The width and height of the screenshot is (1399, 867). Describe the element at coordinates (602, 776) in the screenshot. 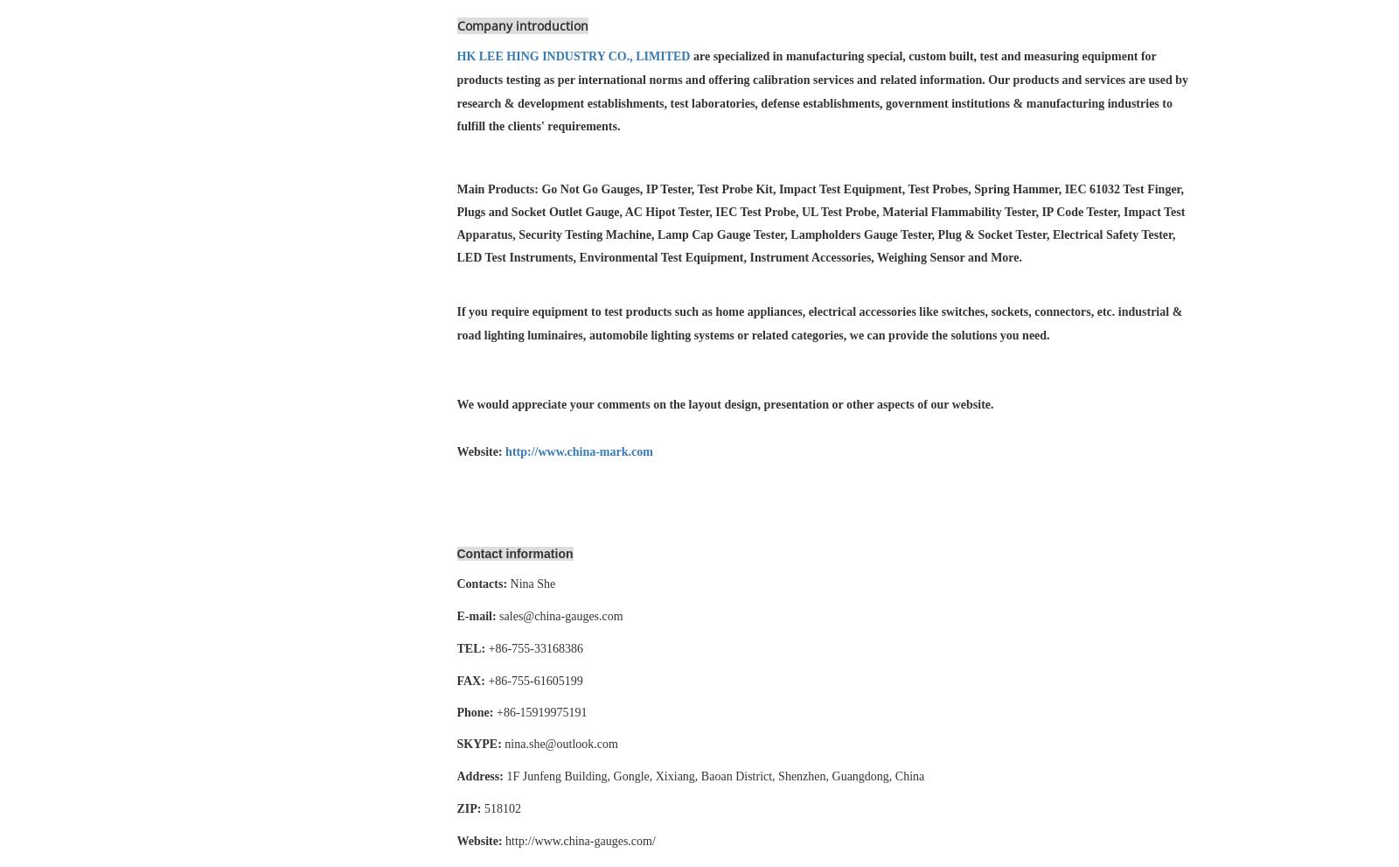

I see `'1F Junfeng Building, Gongle, Xixiang,'` at that location.